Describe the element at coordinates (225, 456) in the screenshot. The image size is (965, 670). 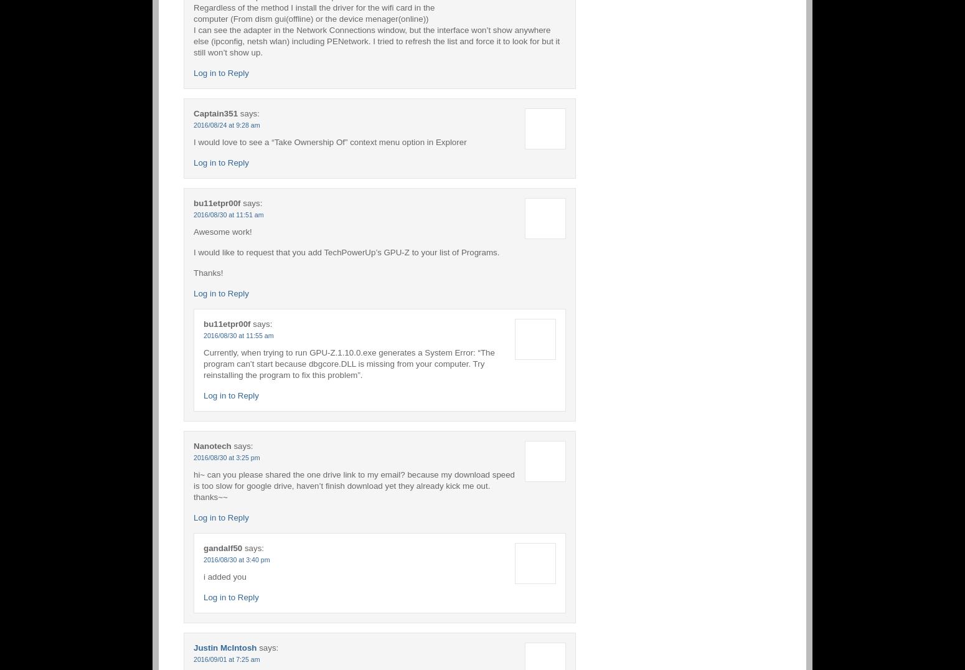
I see `'2016/08/30 at 3:25 pm'` at that location.